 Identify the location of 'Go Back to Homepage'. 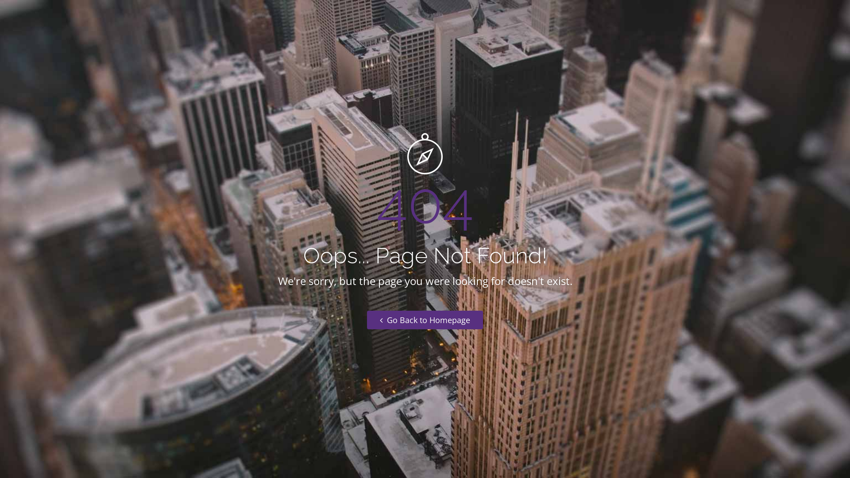
(425, 320).